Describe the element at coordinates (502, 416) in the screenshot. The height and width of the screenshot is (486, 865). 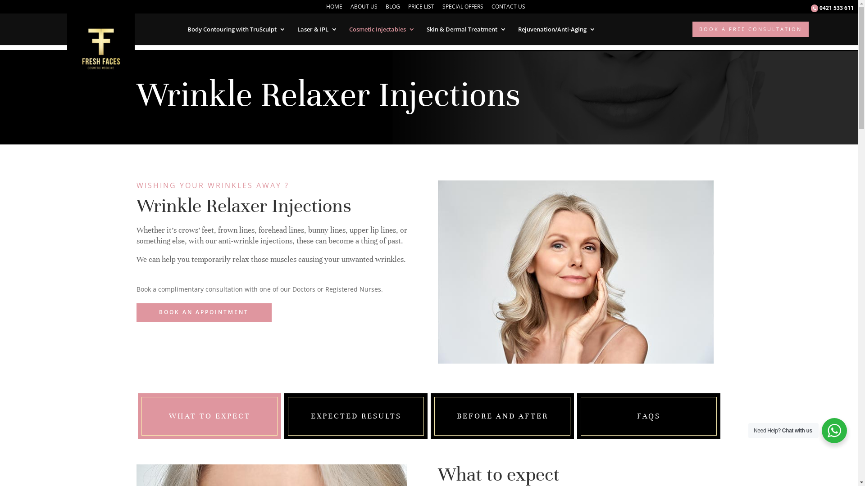
I see `'BEFORE AND AFTER'` at that location.